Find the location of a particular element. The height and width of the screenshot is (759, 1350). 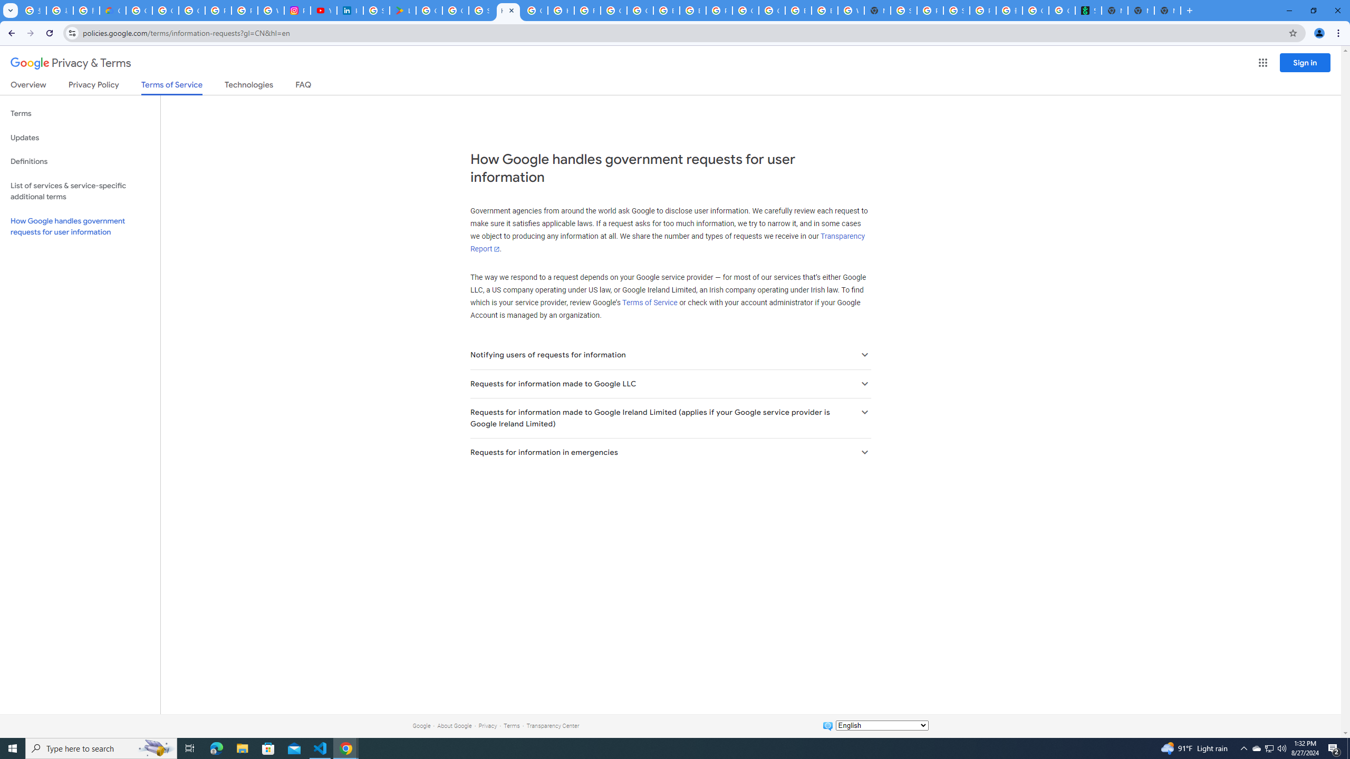

'Transparency Report' is located at coordinates (667, 242).